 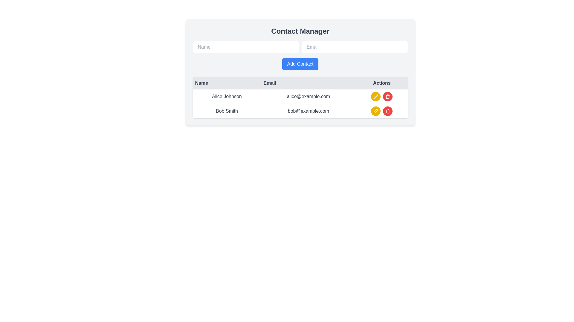 I want to click on the circular red button with a white trash can icon in the 'Actions' column of the second row, so click(x=388, y=111).